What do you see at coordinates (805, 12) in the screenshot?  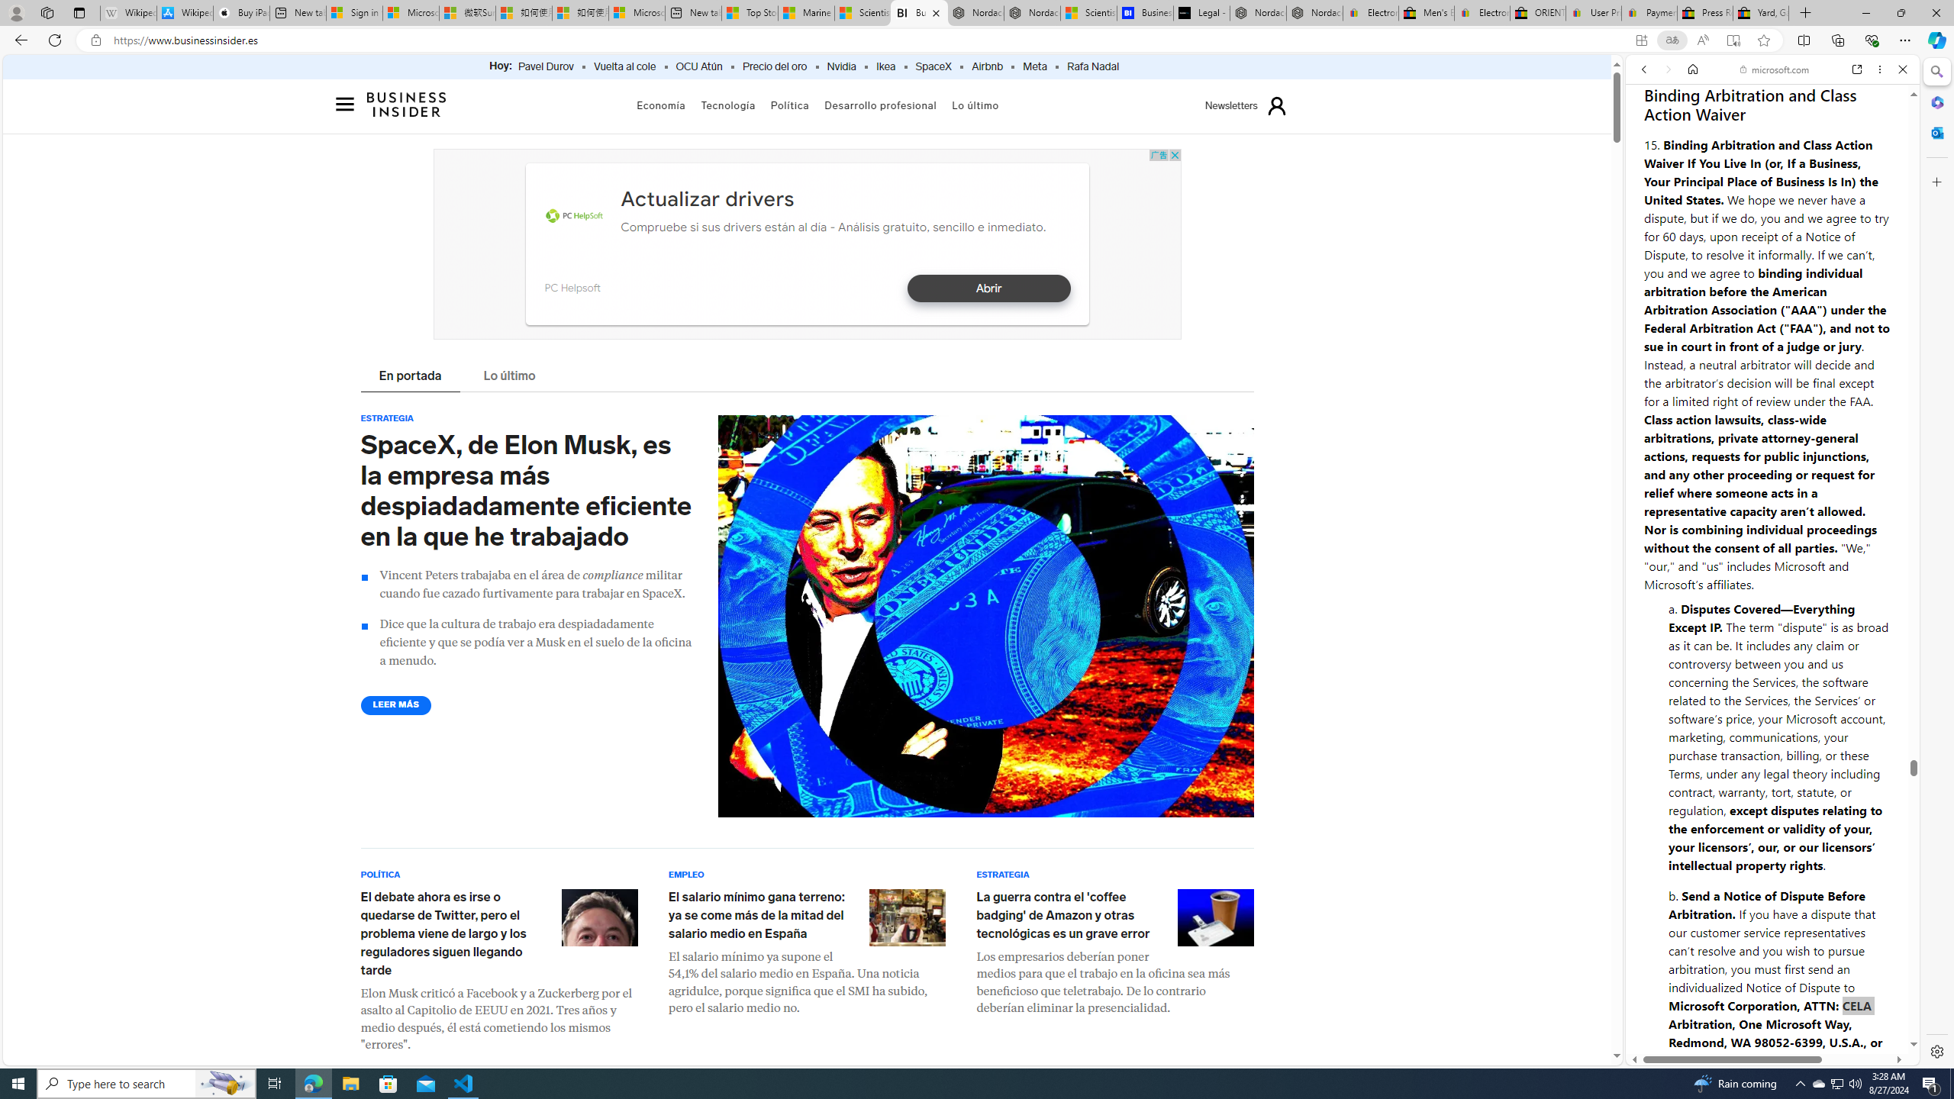 I see `'Marine life - MSN'` at bounding box center [805, 12].